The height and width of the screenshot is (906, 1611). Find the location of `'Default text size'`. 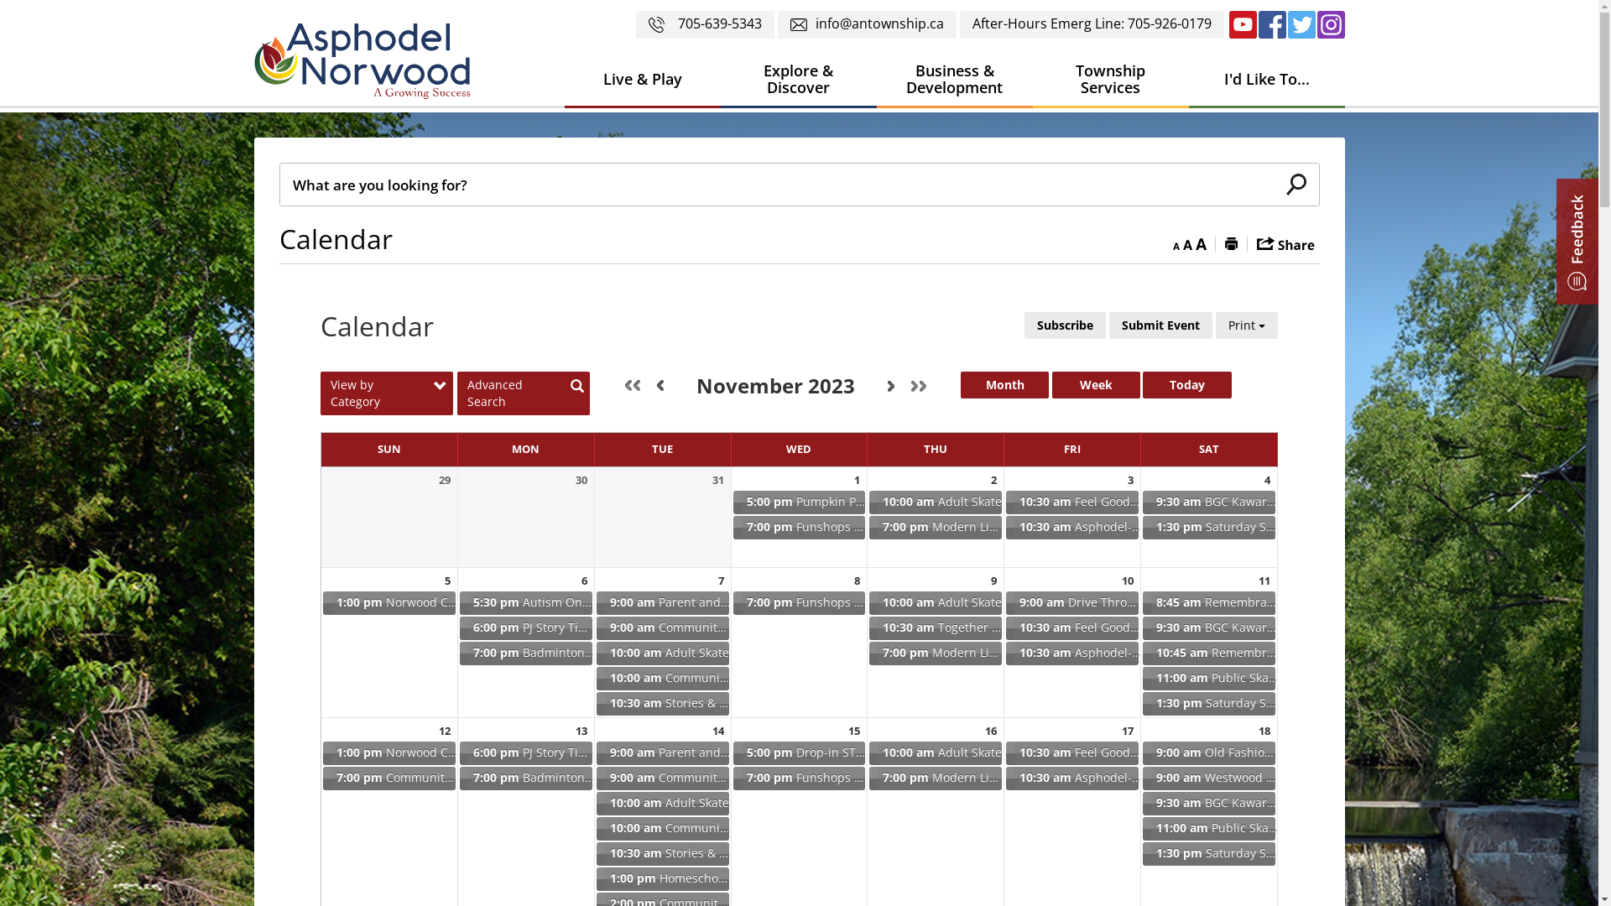

'Default text size' is located at coordinates (1182, 242).